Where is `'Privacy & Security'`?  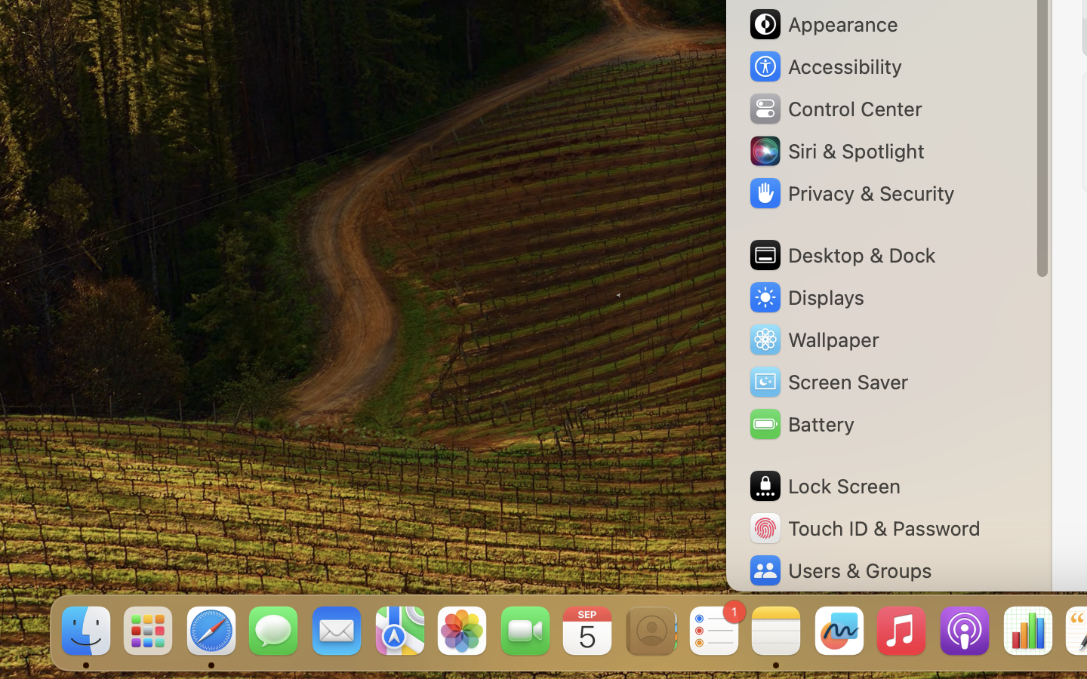 'Privacy & Security' is located at coordinates (849, 192).